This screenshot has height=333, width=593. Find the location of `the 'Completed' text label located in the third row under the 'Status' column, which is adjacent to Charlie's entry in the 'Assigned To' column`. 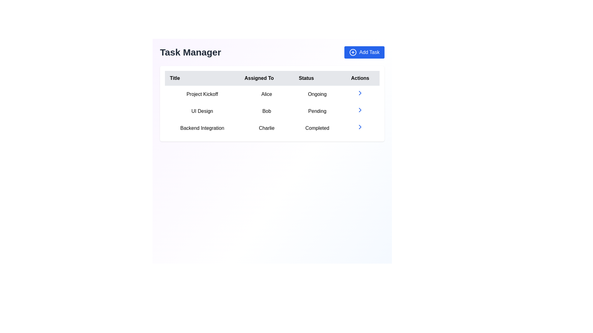

the 'Completed' text label located in the third row under the 'Status' column, which is adjacent to Charlie's entry in the 'Assigned To' column is located at coordinates (317, 128).